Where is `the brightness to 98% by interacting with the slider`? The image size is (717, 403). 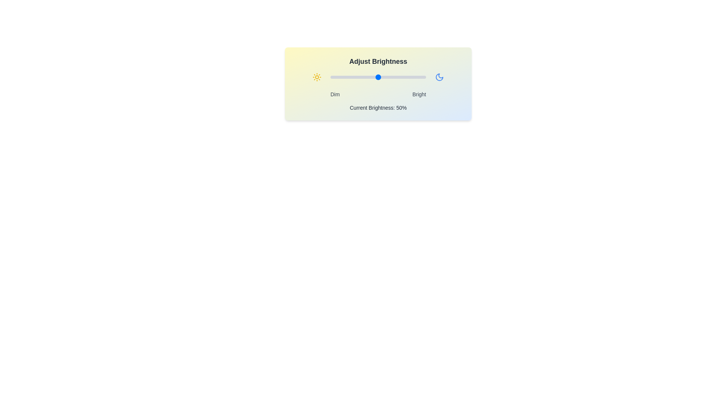 the brightness to 98% by interacting with the slider is located at coordinates (424, 77).